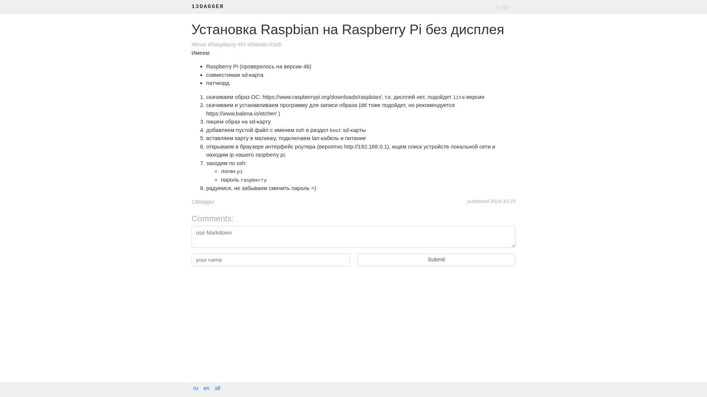 The height and width of the screenshot is (397, 707). I want to click on '#Ssh', so click(275, 44).